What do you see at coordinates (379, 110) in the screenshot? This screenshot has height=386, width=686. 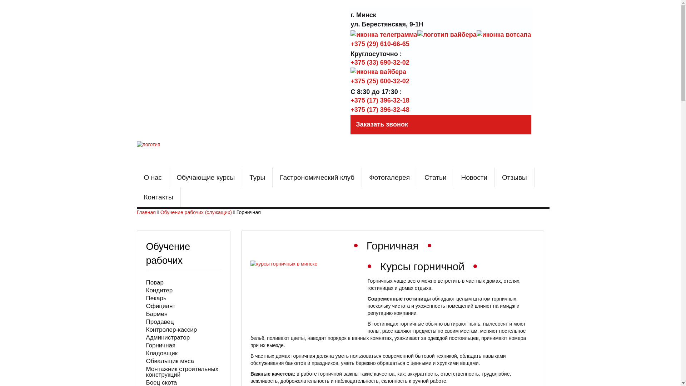 I see `'+375 (17) 396-32-48'` at bounding box center [379, 110].